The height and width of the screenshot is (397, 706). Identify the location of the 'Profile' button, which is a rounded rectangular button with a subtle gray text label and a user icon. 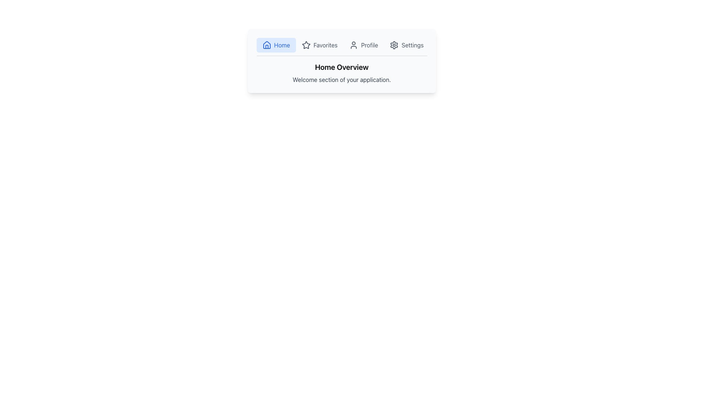
(364, 45).